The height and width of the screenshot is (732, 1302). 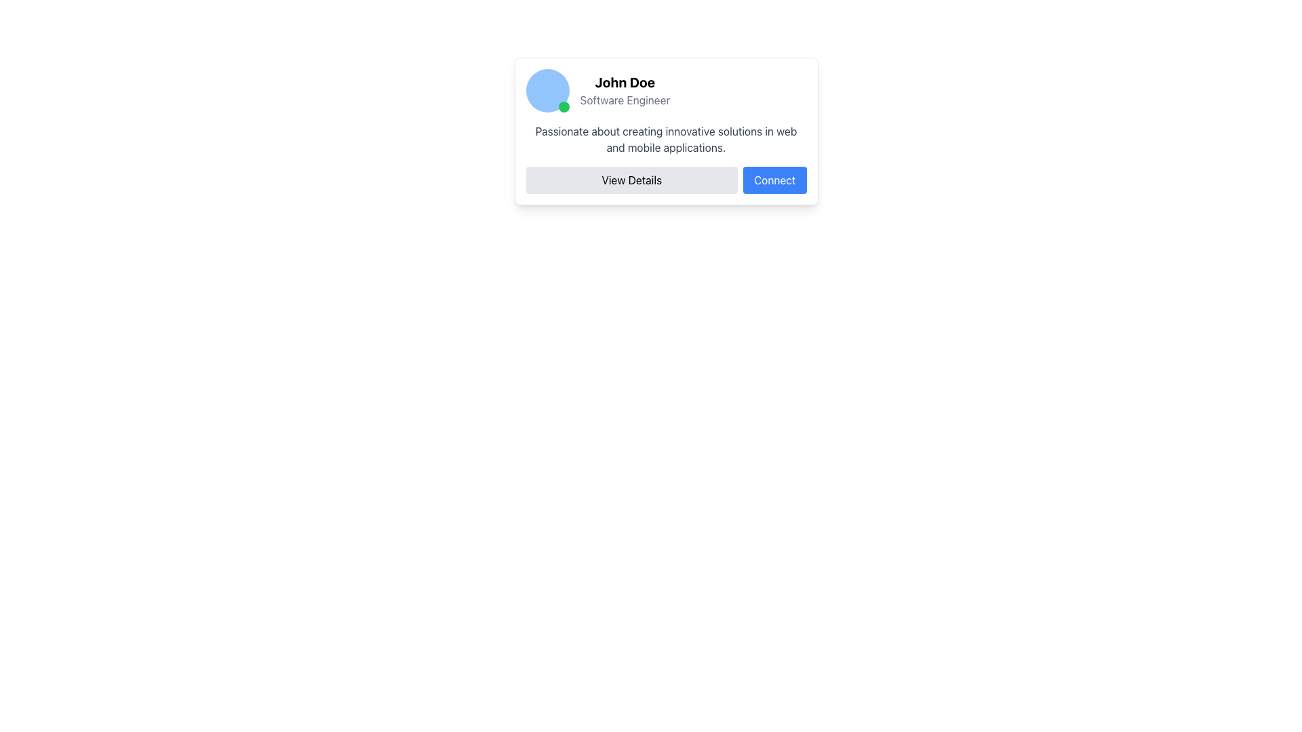 I want to click on the 'Connect' button with a blue background and white text, which is the second button in the group at the bottom of the profile card, so click(x=774, y=180).